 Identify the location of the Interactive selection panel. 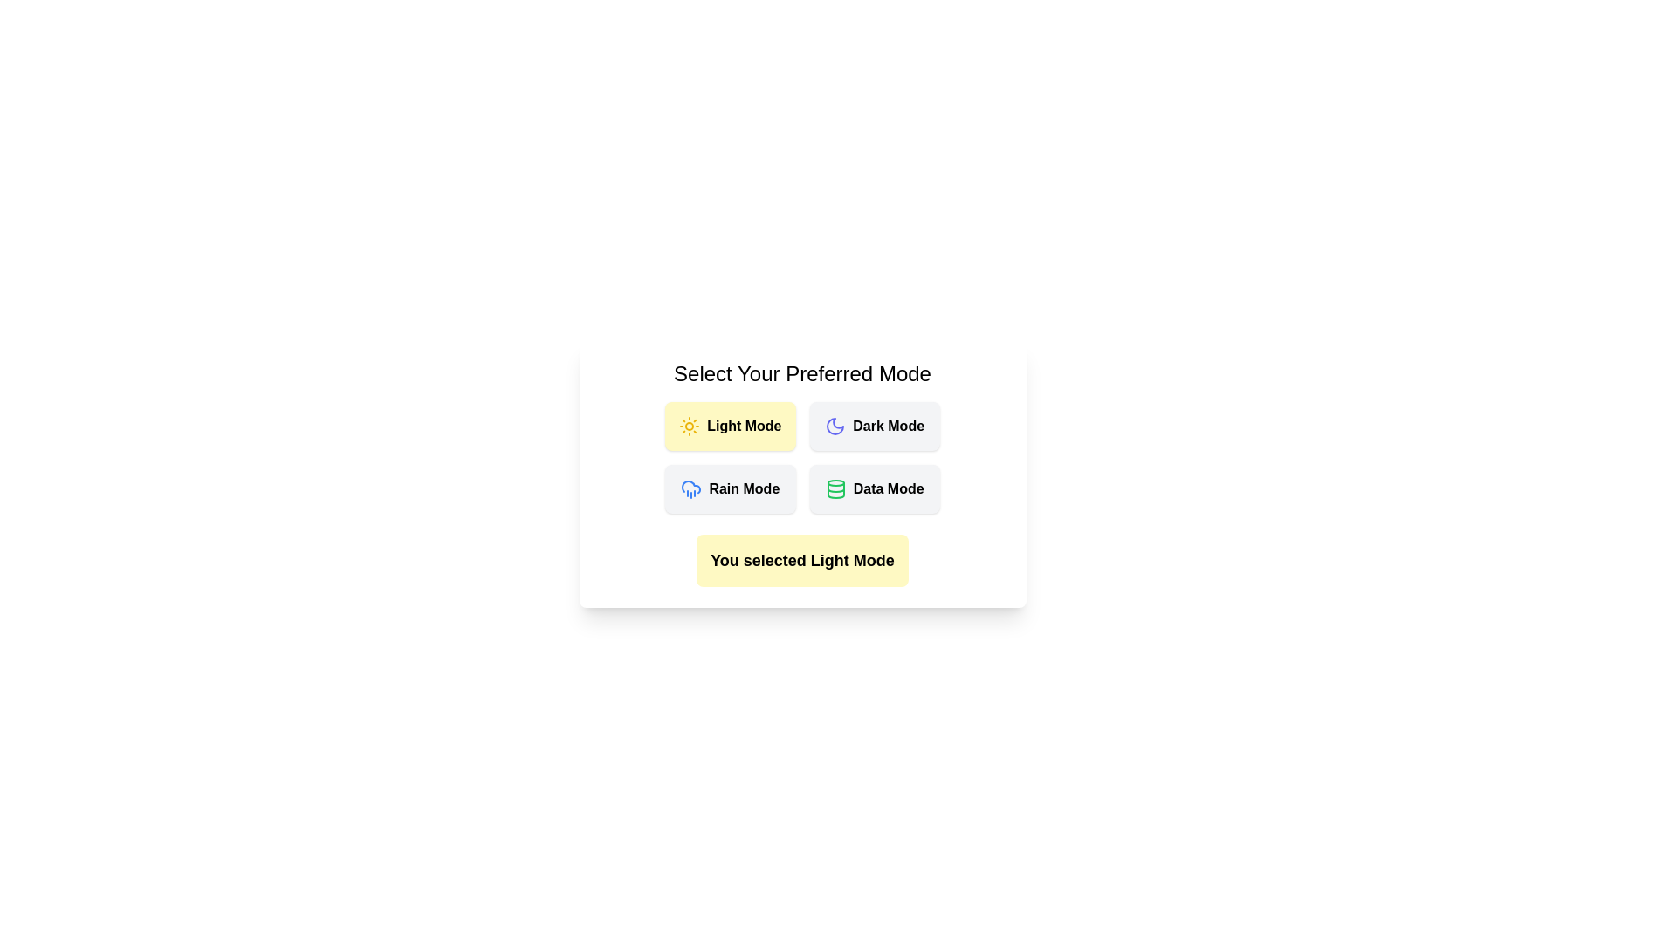
(801, 474).